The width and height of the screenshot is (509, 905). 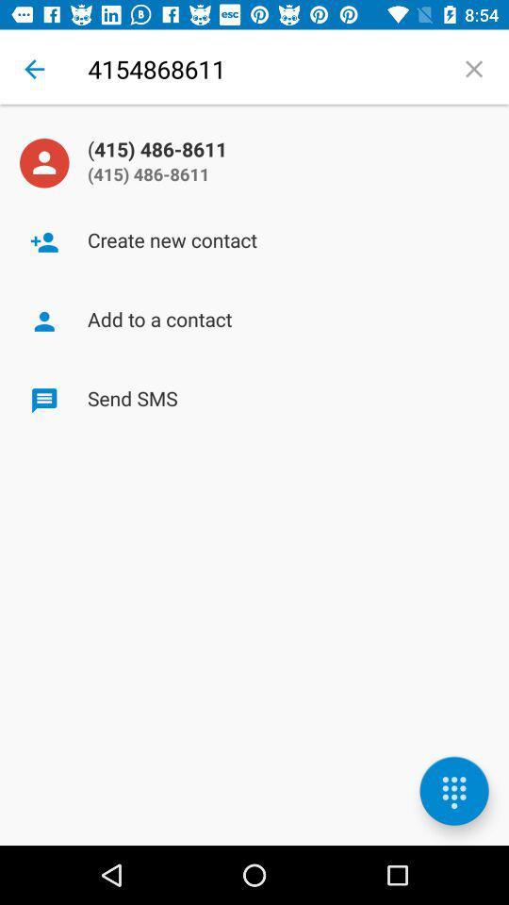 I want to click on the icon on left side of text send sms, so click(x=44, y=401).